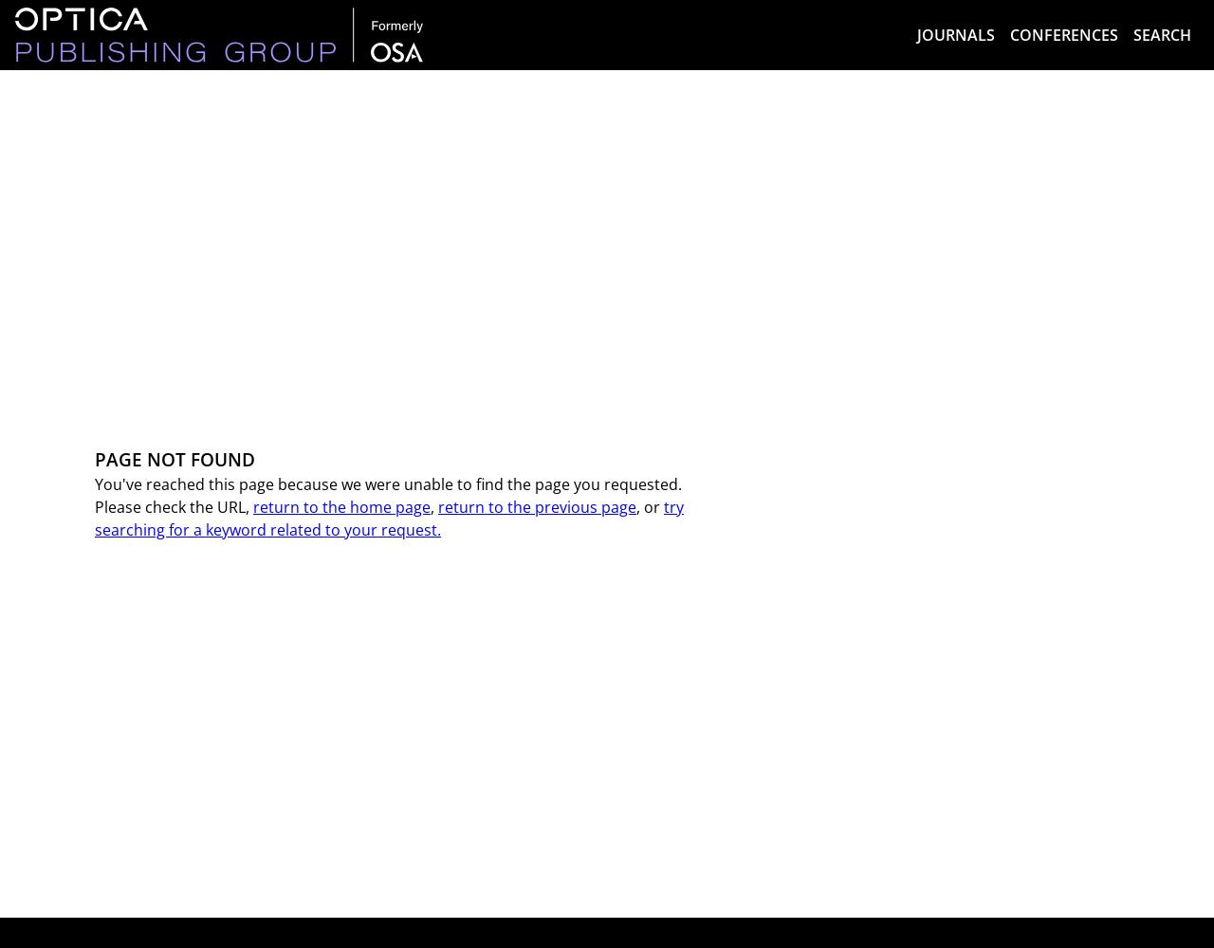  Describe the element at coordinates (956, 35) in the screenshot. I see `'Journals'` at that location.